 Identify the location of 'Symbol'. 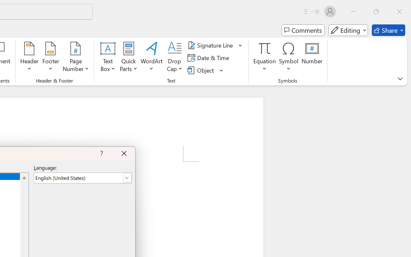
(288, 58).